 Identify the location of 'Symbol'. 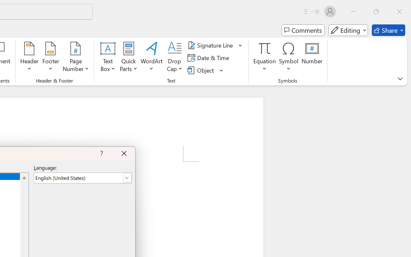
(288, 58).